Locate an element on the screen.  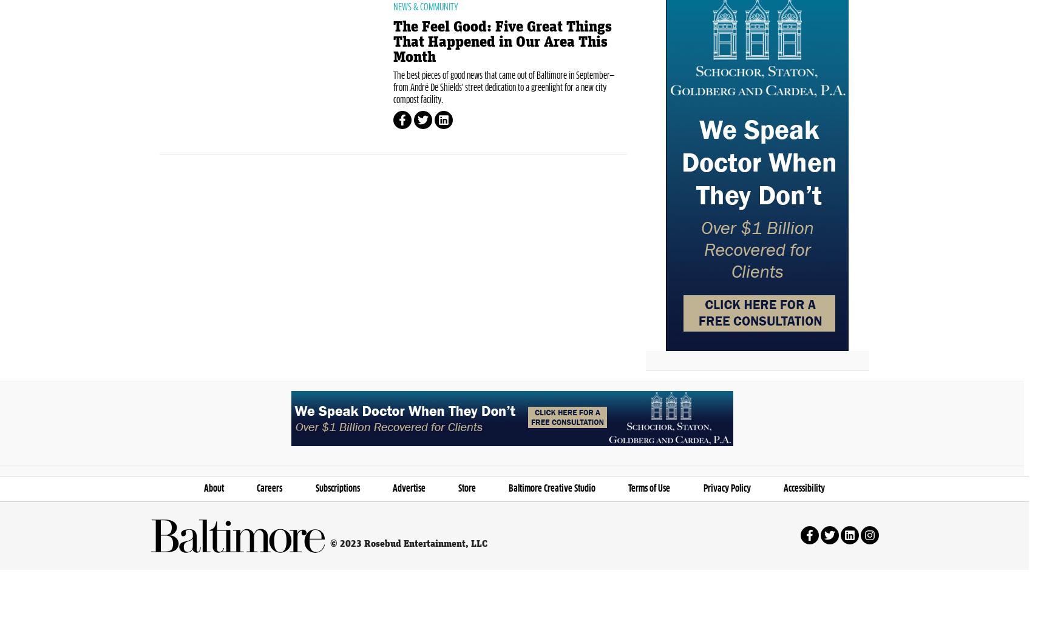
'The best pieces of good news that came out of Baltimore in September—from André De Shields' street dedication to a greenlight for a new city compost facility.' is located at coordinates (503, 150).